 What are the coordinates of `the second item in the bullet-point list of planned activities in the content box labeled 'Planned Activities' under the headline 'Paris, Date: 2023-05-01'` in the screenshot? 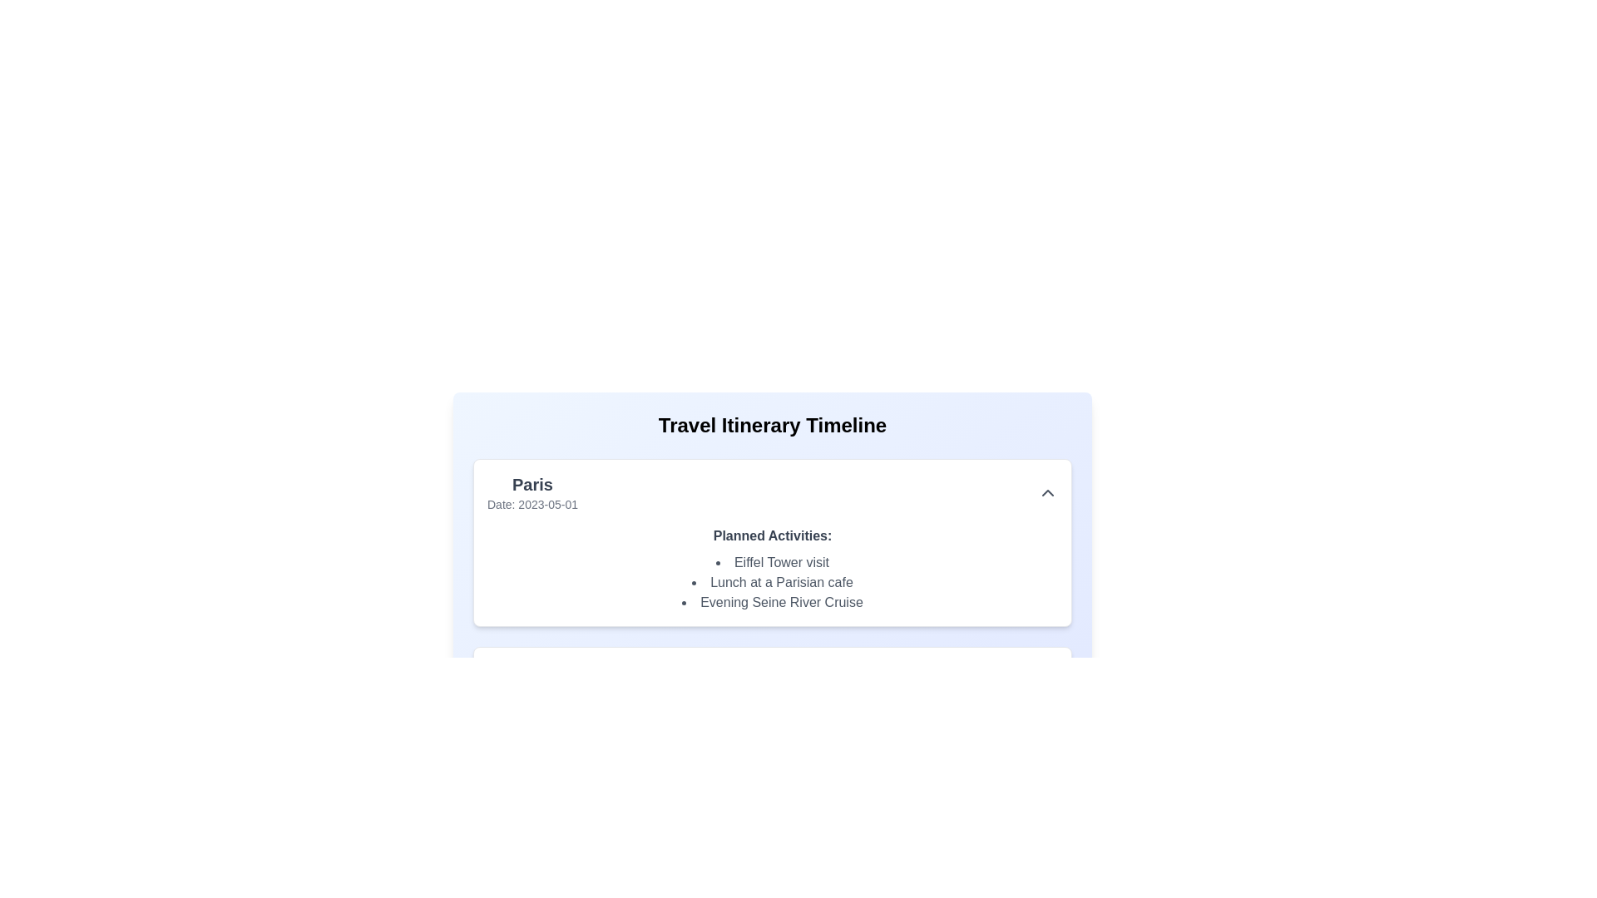 It's located at (772, 582).